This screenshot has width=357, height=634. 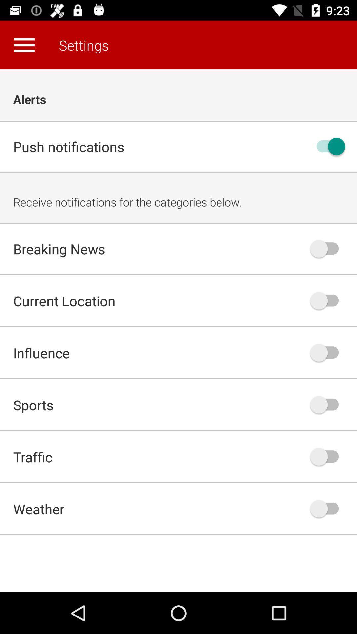 I want to click on on button, so click(x=328, y=146).